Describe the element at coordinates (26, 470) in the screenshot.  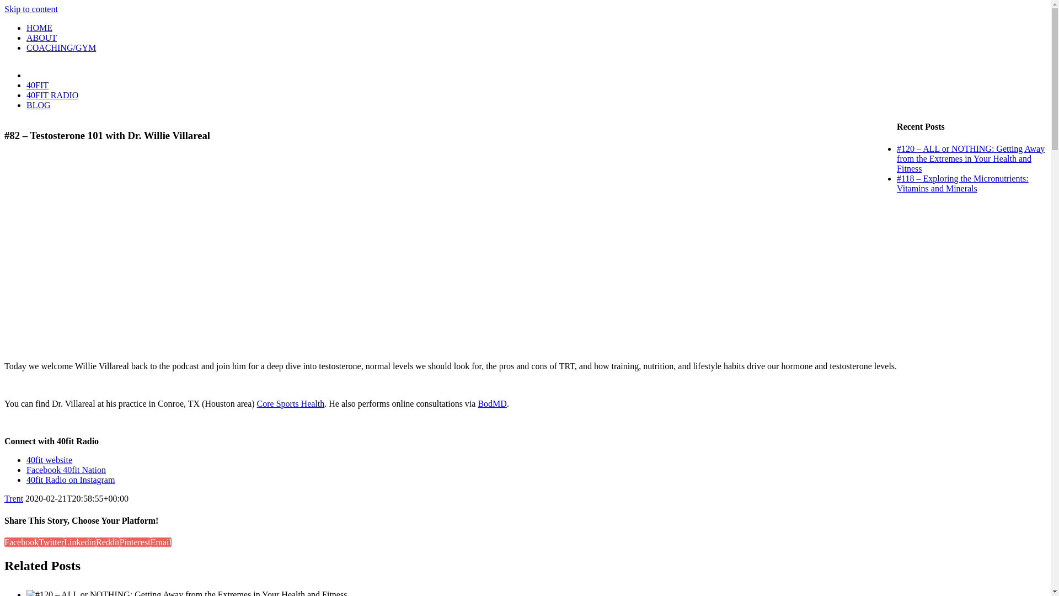
I see `'Facebook 40fit Nation'` at that location.